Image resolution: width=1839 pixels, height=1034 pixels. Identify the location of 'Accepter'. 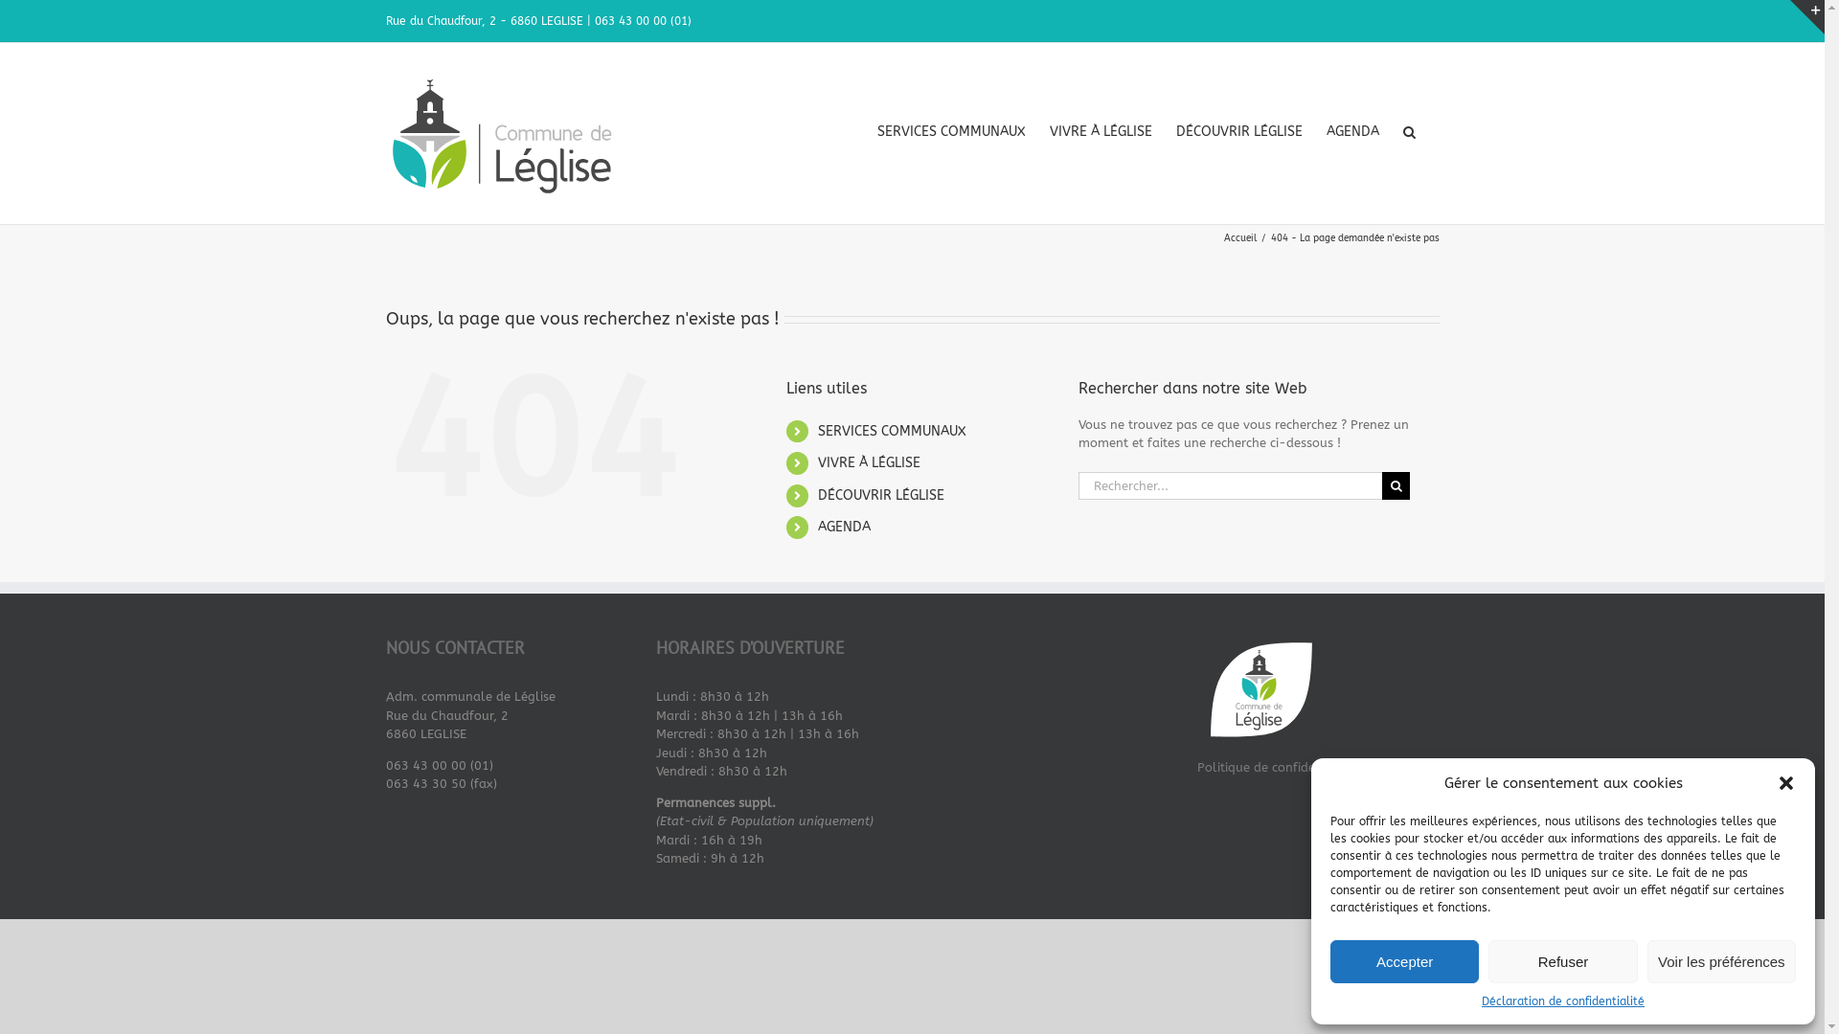
(1404, 961).